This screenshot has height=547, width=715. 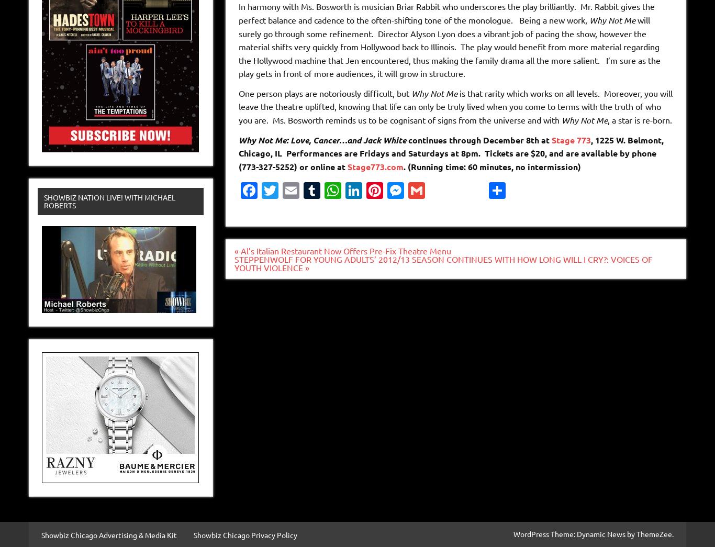 I want to click on 'Gmail', so click(x=431, y=215).